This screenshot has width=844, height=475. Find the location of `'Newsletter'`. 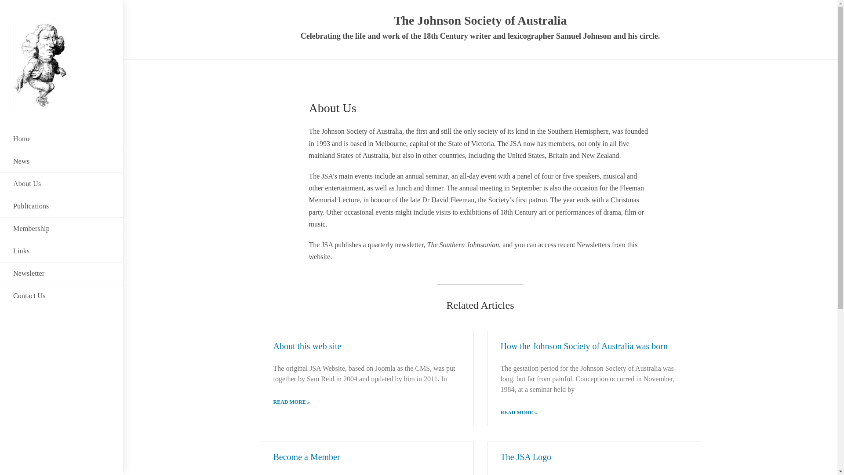

'Newsletter' is located at coordinates (61, 273).